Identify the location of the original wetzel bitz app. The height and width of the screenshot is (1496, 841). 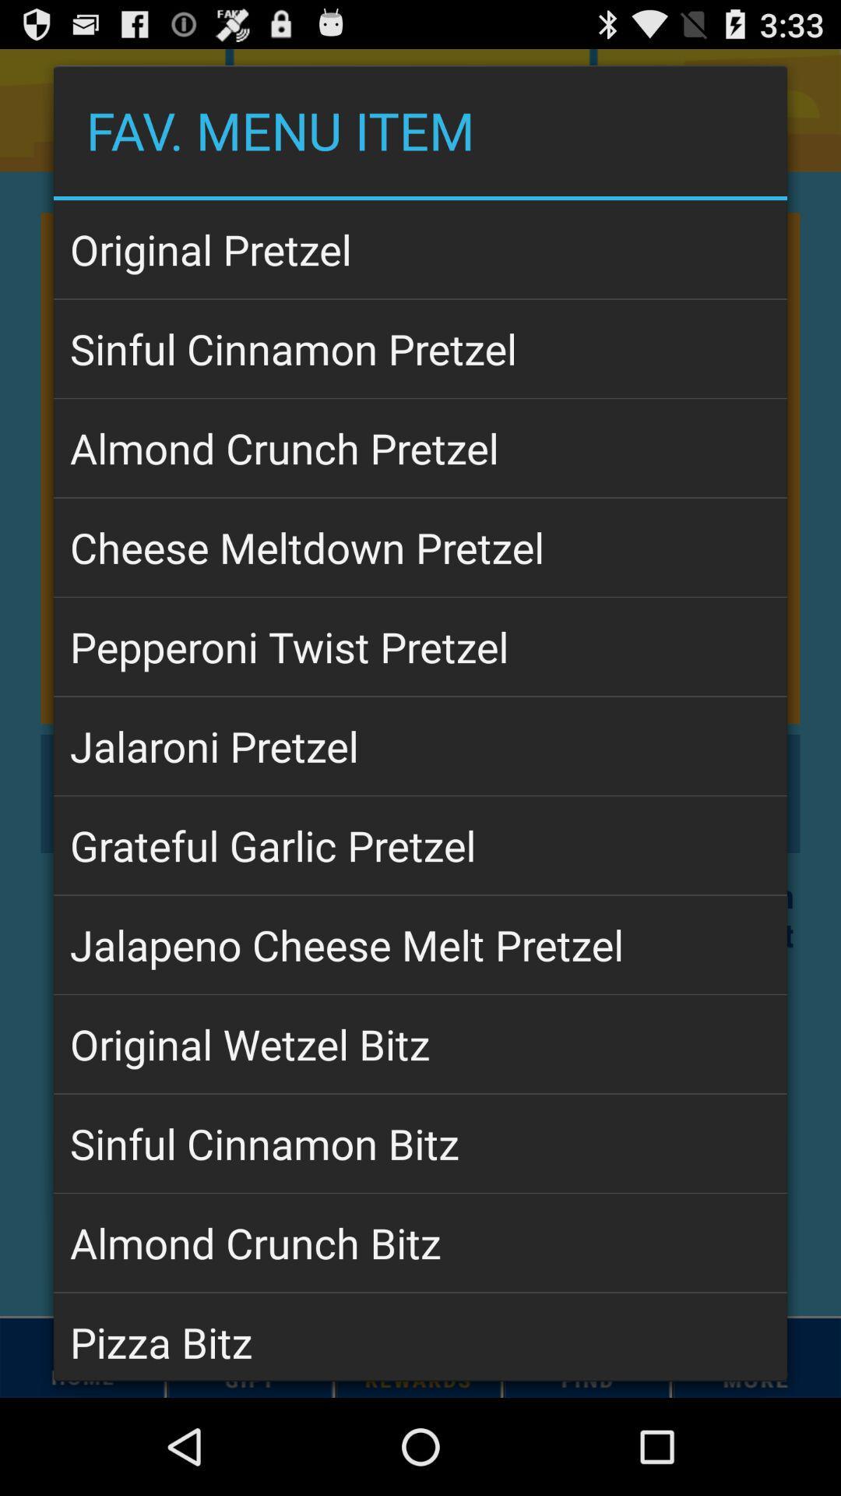
(420, 1044).